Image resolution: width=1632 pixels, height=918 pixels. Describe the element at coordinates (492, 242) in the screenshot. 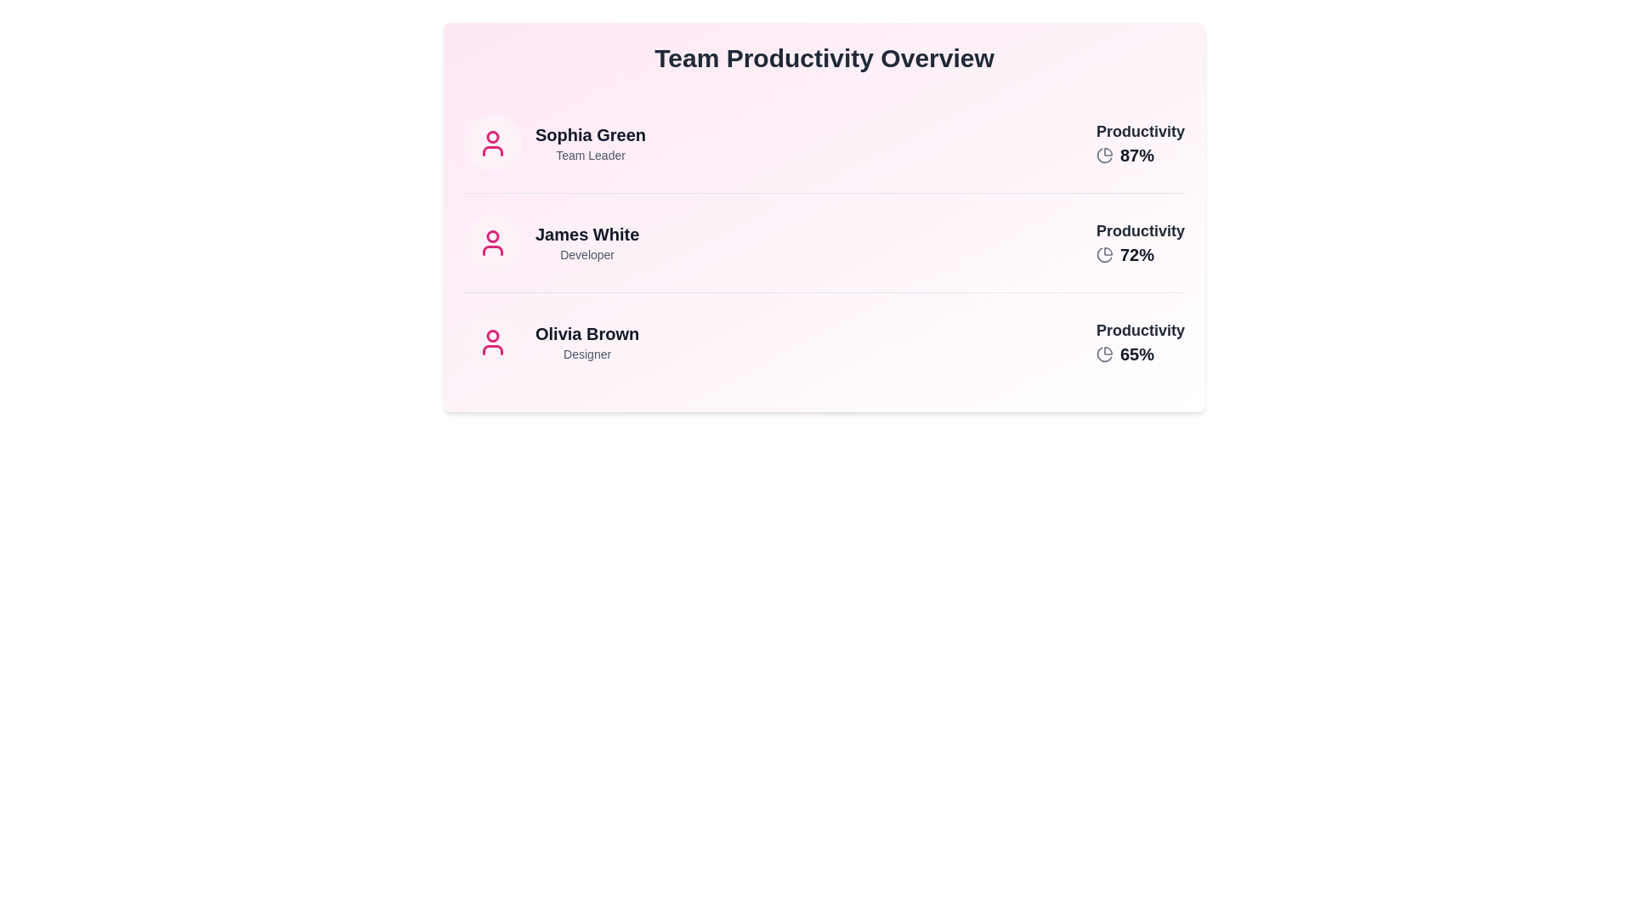

I see `the pink outline-styled user profile icon associated with 'James White, Developer' for potential interaction` at that location.